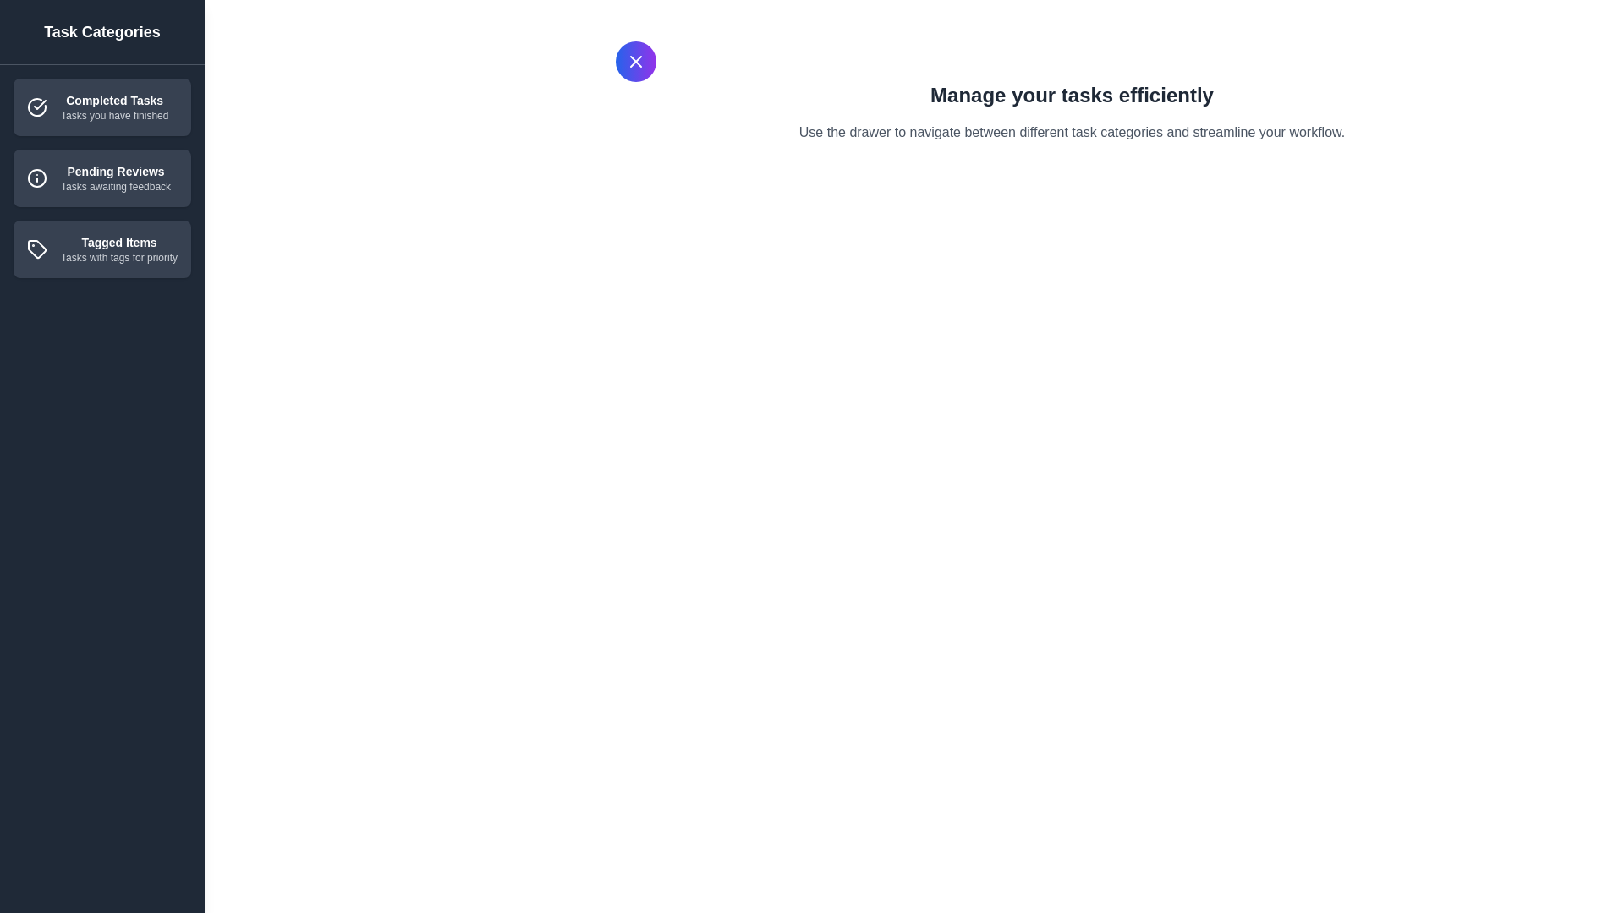 The image size is (1624, 913). Describe the element at coordinates (101, 107) in the screenshot. I see `the category item labeled 'Completed Tasks' in the drawer` at that location.